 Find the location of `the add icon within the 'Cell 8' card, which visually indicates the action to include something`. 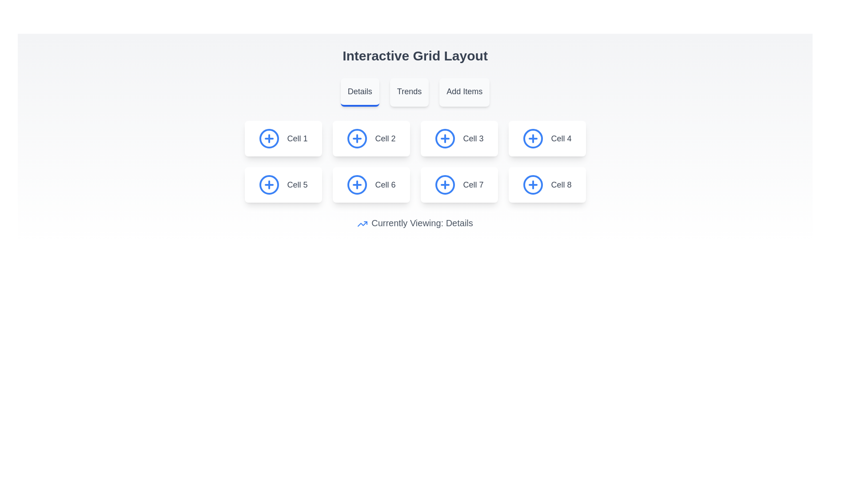

the add icon within the 'Cell 8' card, which visually indicates the action to include something is located at coordinates (533, 184).